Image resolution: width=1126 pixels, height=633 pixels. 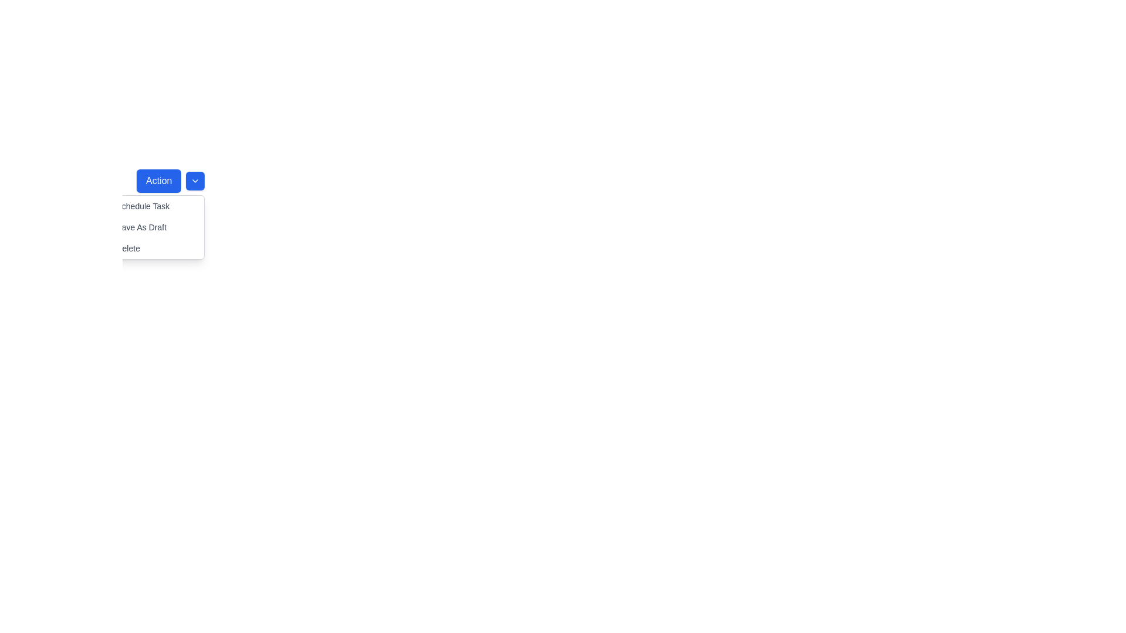 What do you see at coordinates (148, 227) in the screenshot?
I see `the second option 'Save As Draft' from the dropdown menu that is styled with dark gray text on a white background` at bounding box center [148, 227].